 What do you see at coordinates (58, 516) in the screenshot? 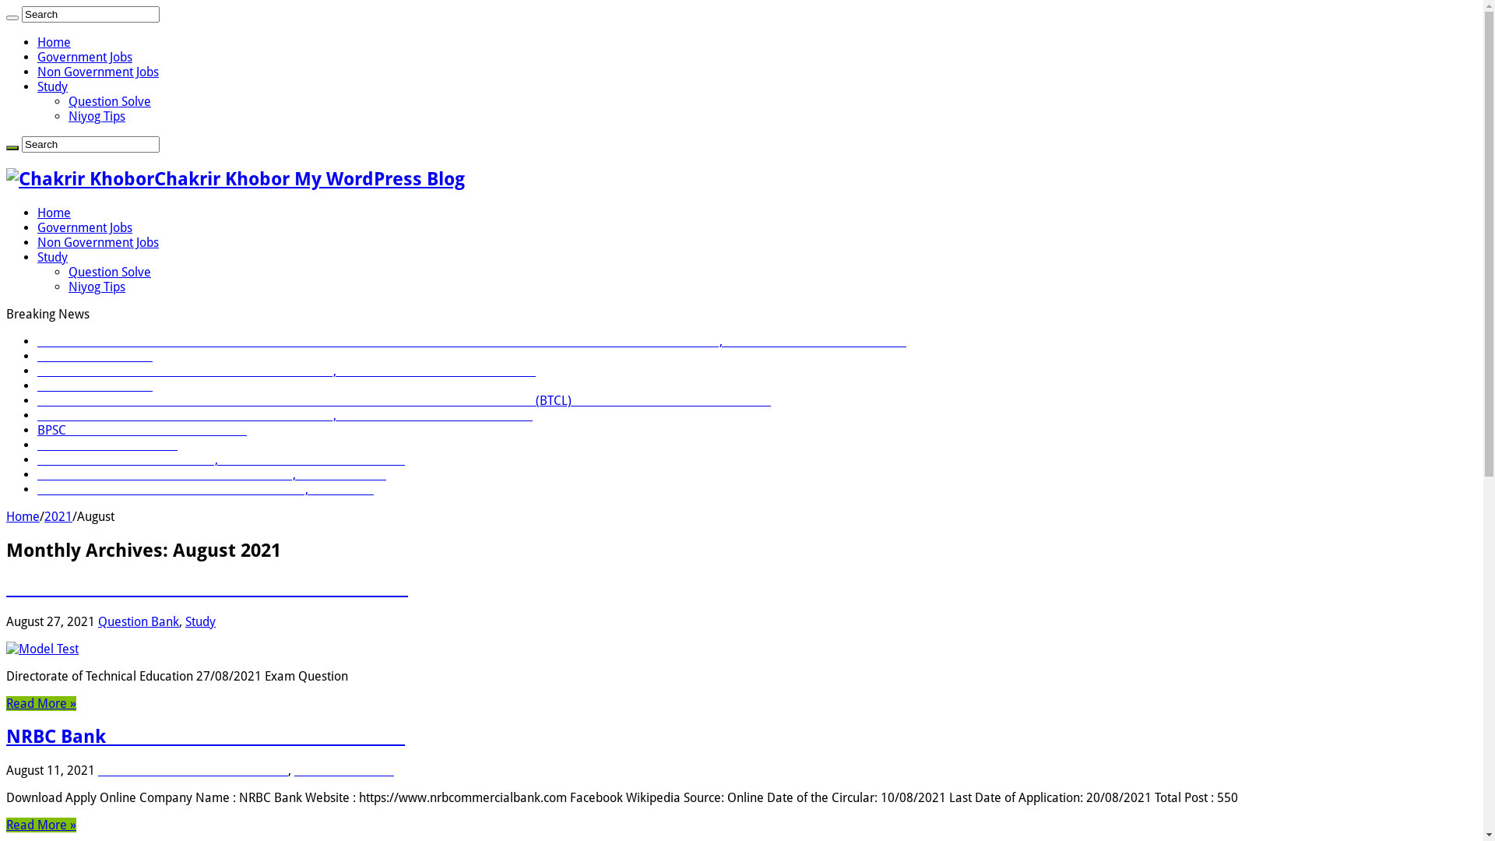
I see `'2021'` at bounding box center [58, 516].